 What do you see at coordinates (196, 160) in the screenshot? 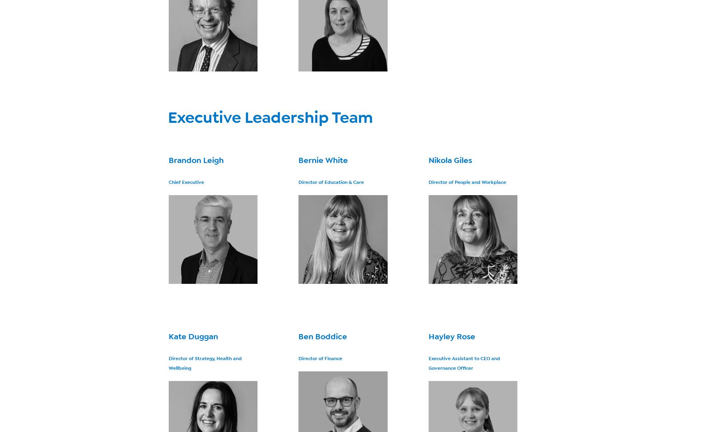
I see `'Brandon Leigh'` at bounding box center [196, 160].